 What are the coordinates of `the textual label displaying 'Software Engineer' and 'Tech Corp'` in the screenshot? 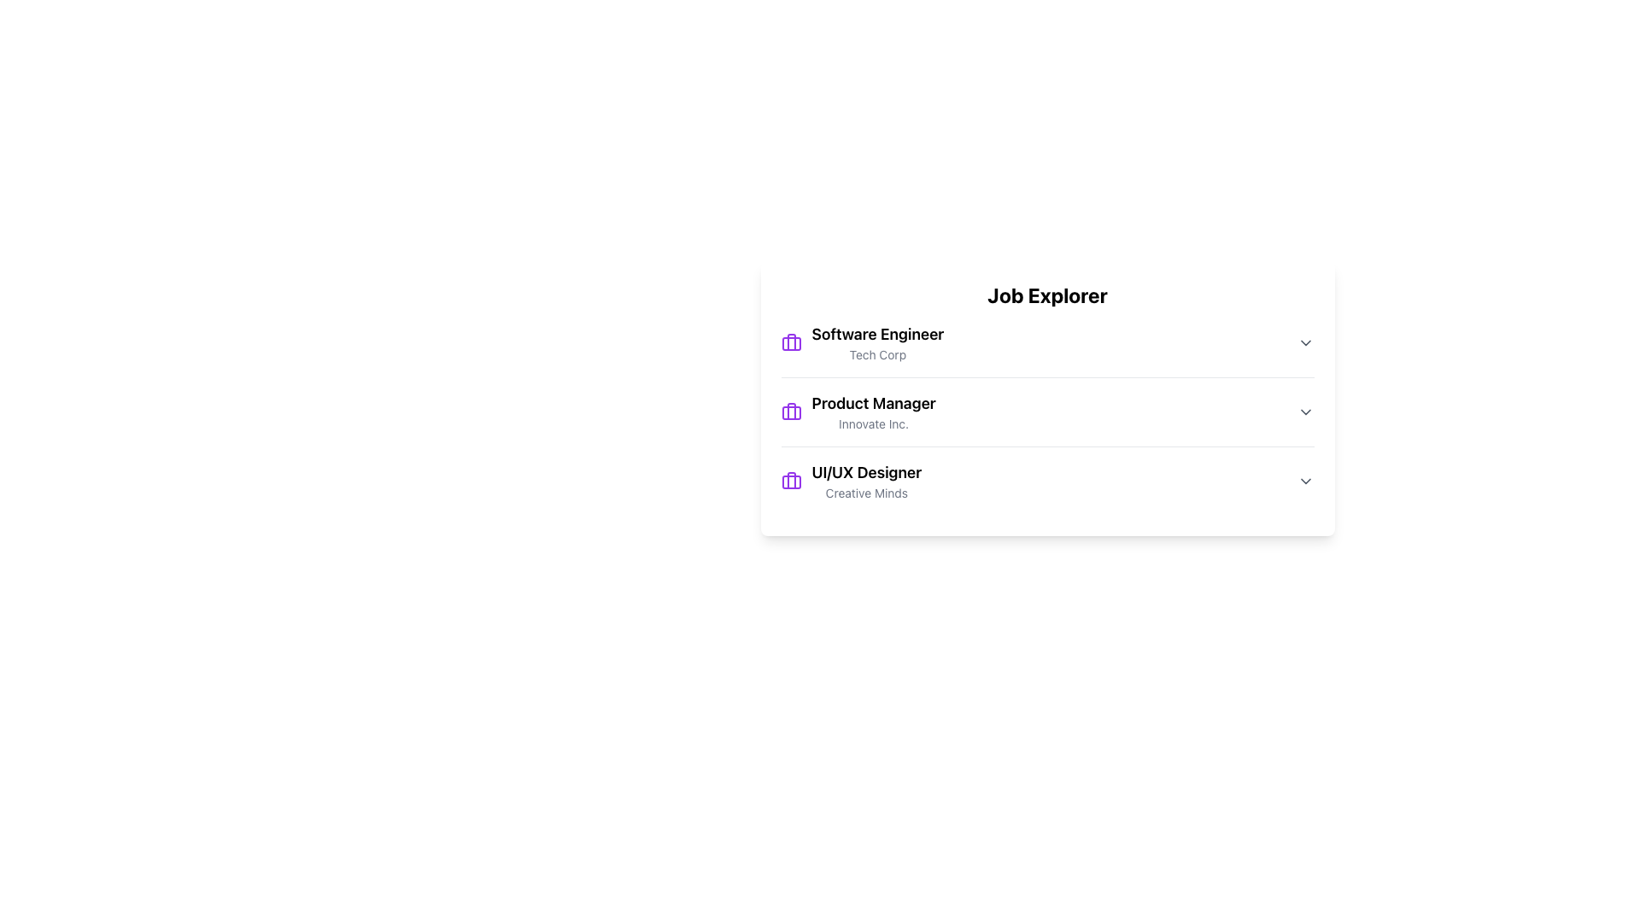 It's located at (877, 342).